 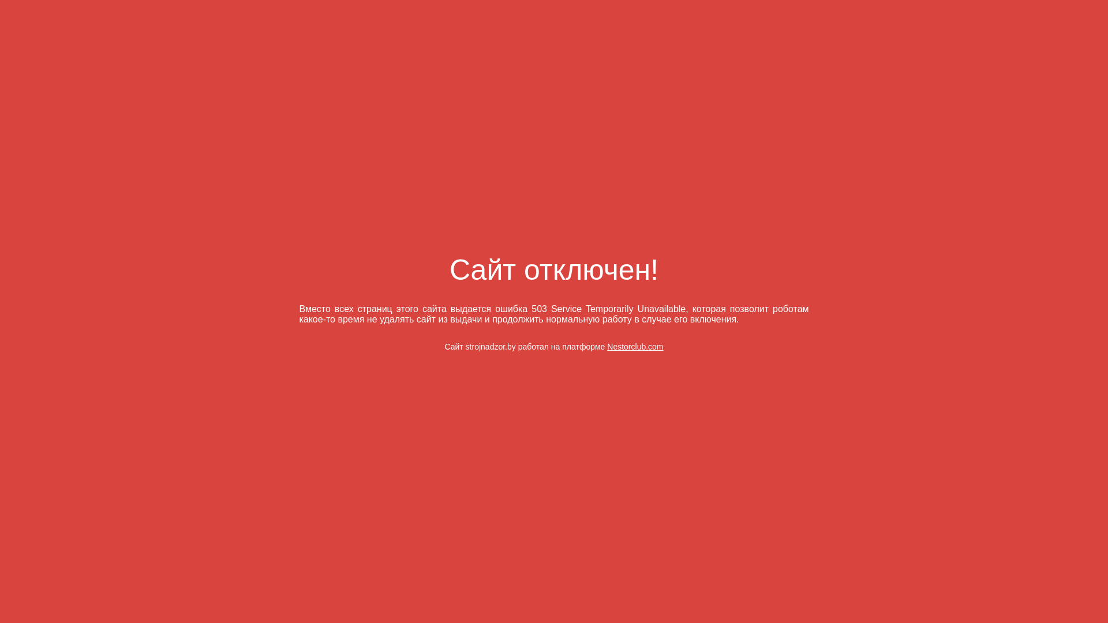 I want to click on 'Nestorclub.com', so click(x=634, y=346).